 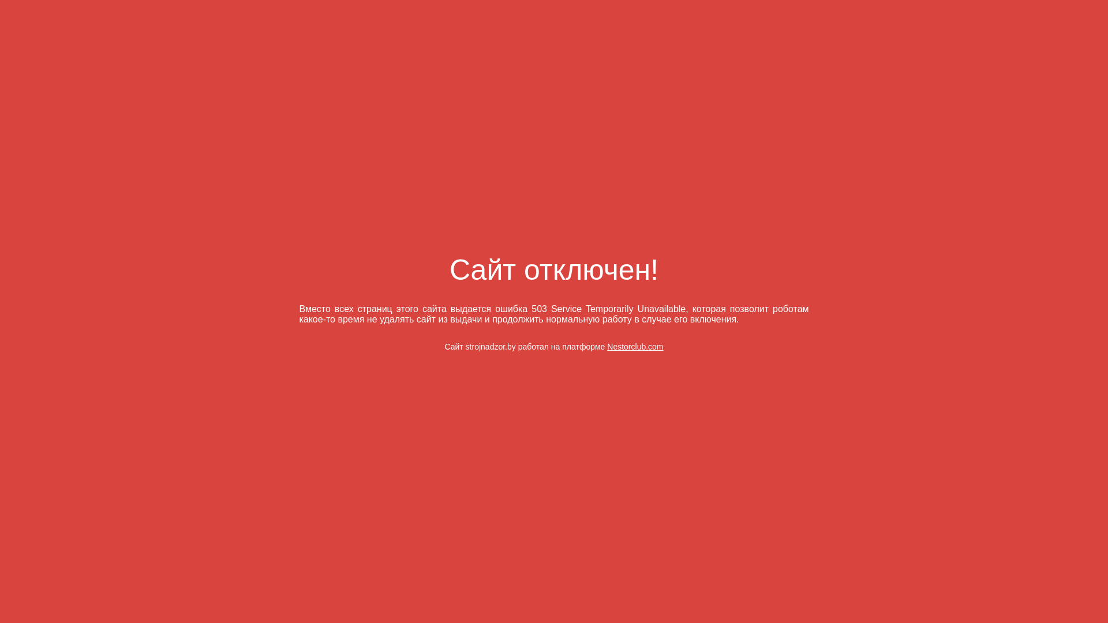 I want to click on 'Nestorclub.com', so click(x=634, y=346).